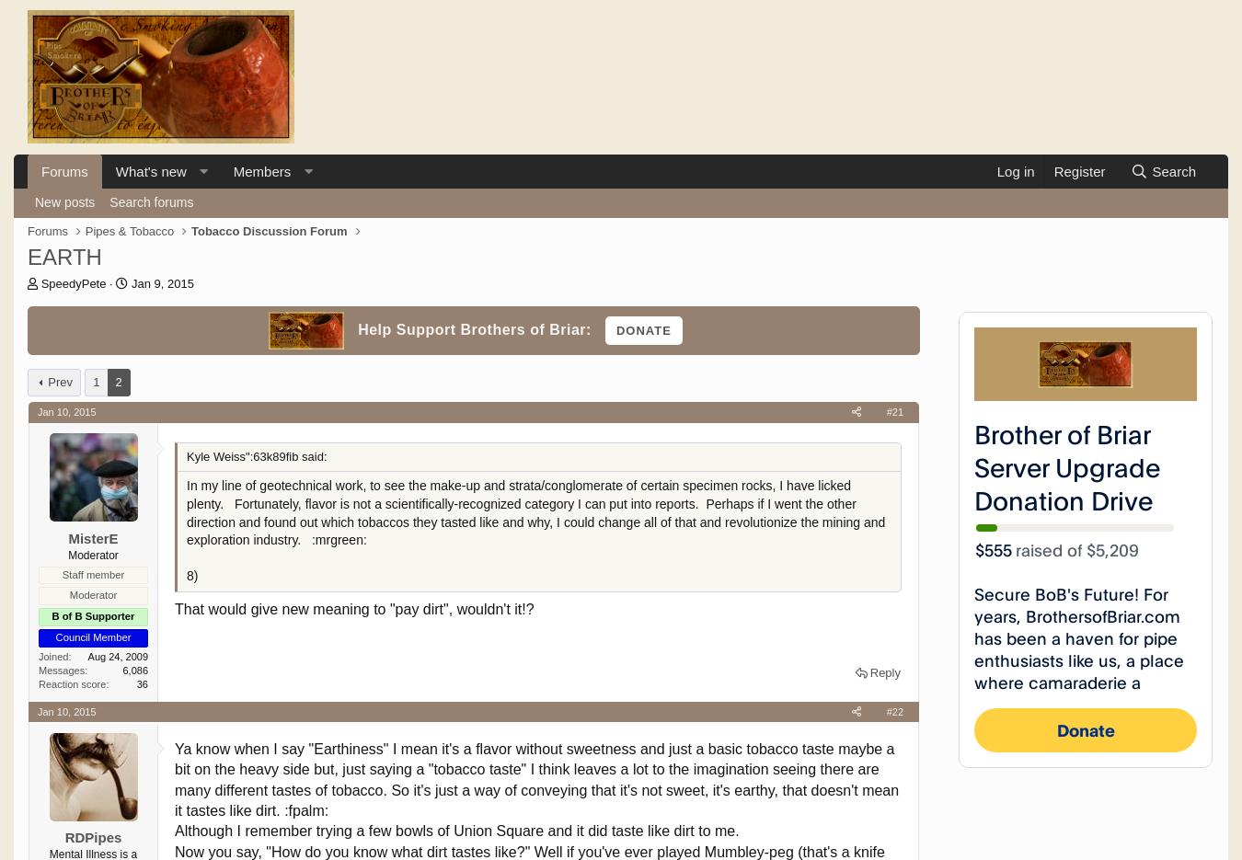 The width and height of the screenshot is (1242, 860). Describe the element at coordinates (72, 282) in the screenshot. I see `'SpeedyPete'` at that location.